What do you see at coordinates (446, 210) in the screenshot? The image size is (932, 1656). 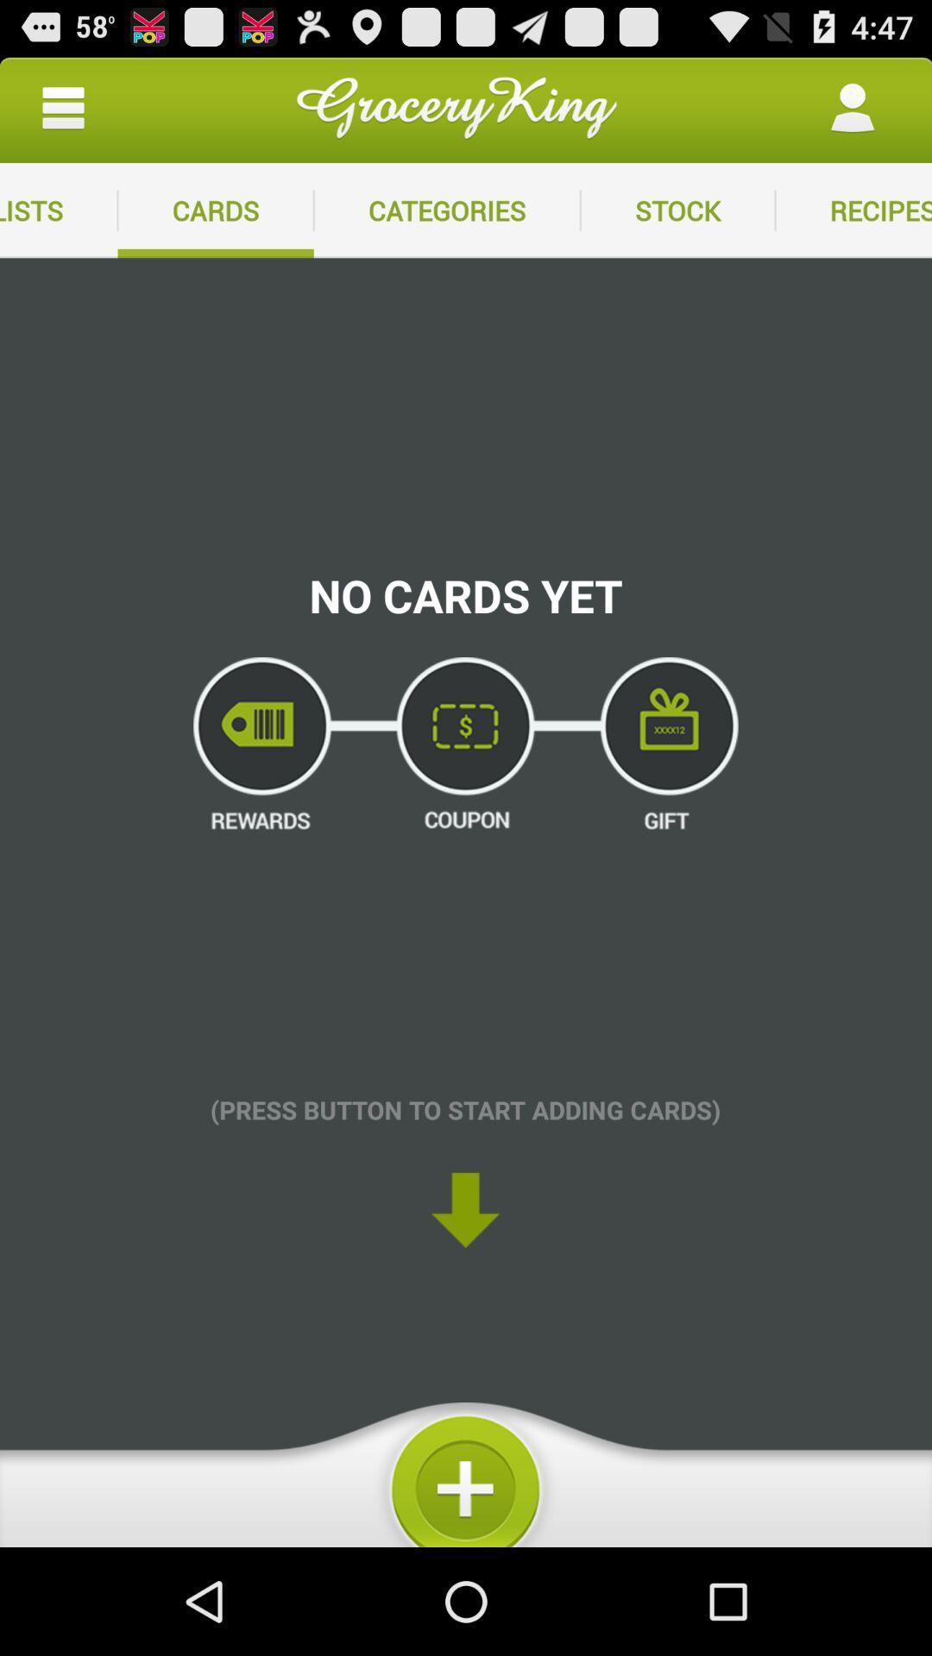 I see `the icon above no cards yet` at bounding box center [446, 210].